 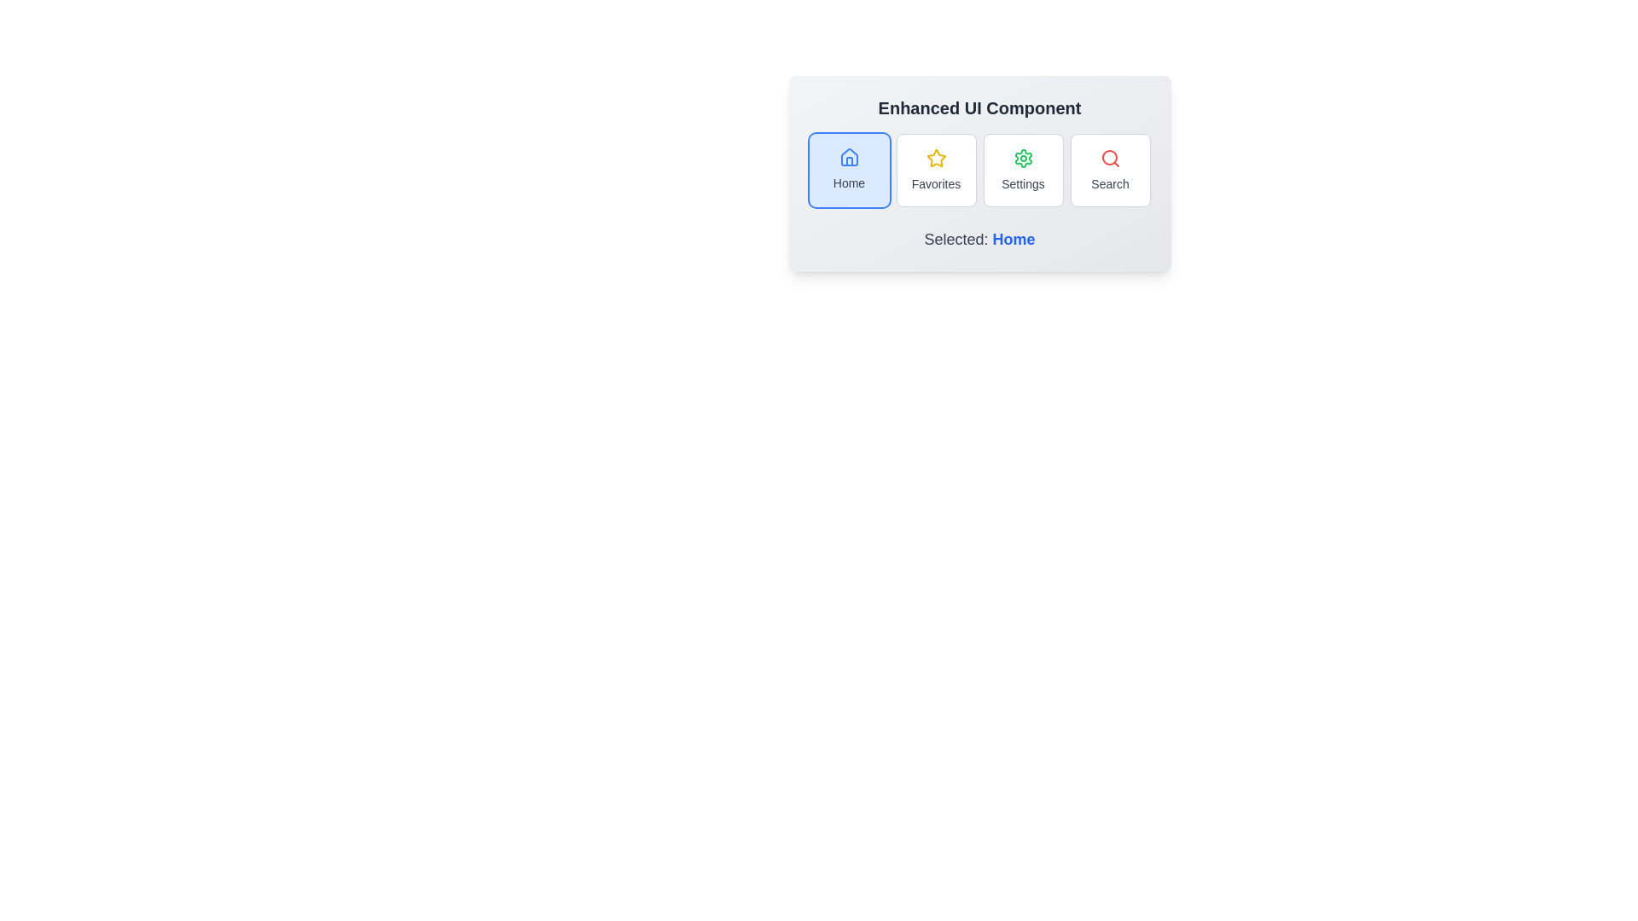 What do you see at coordinates (1110, 171) in the screenshot?
I see `the search button located at the top center of the interface, which is the fourth item in the horizontal grid layout, to initiate a search action` at bounding box center [1110, 171].